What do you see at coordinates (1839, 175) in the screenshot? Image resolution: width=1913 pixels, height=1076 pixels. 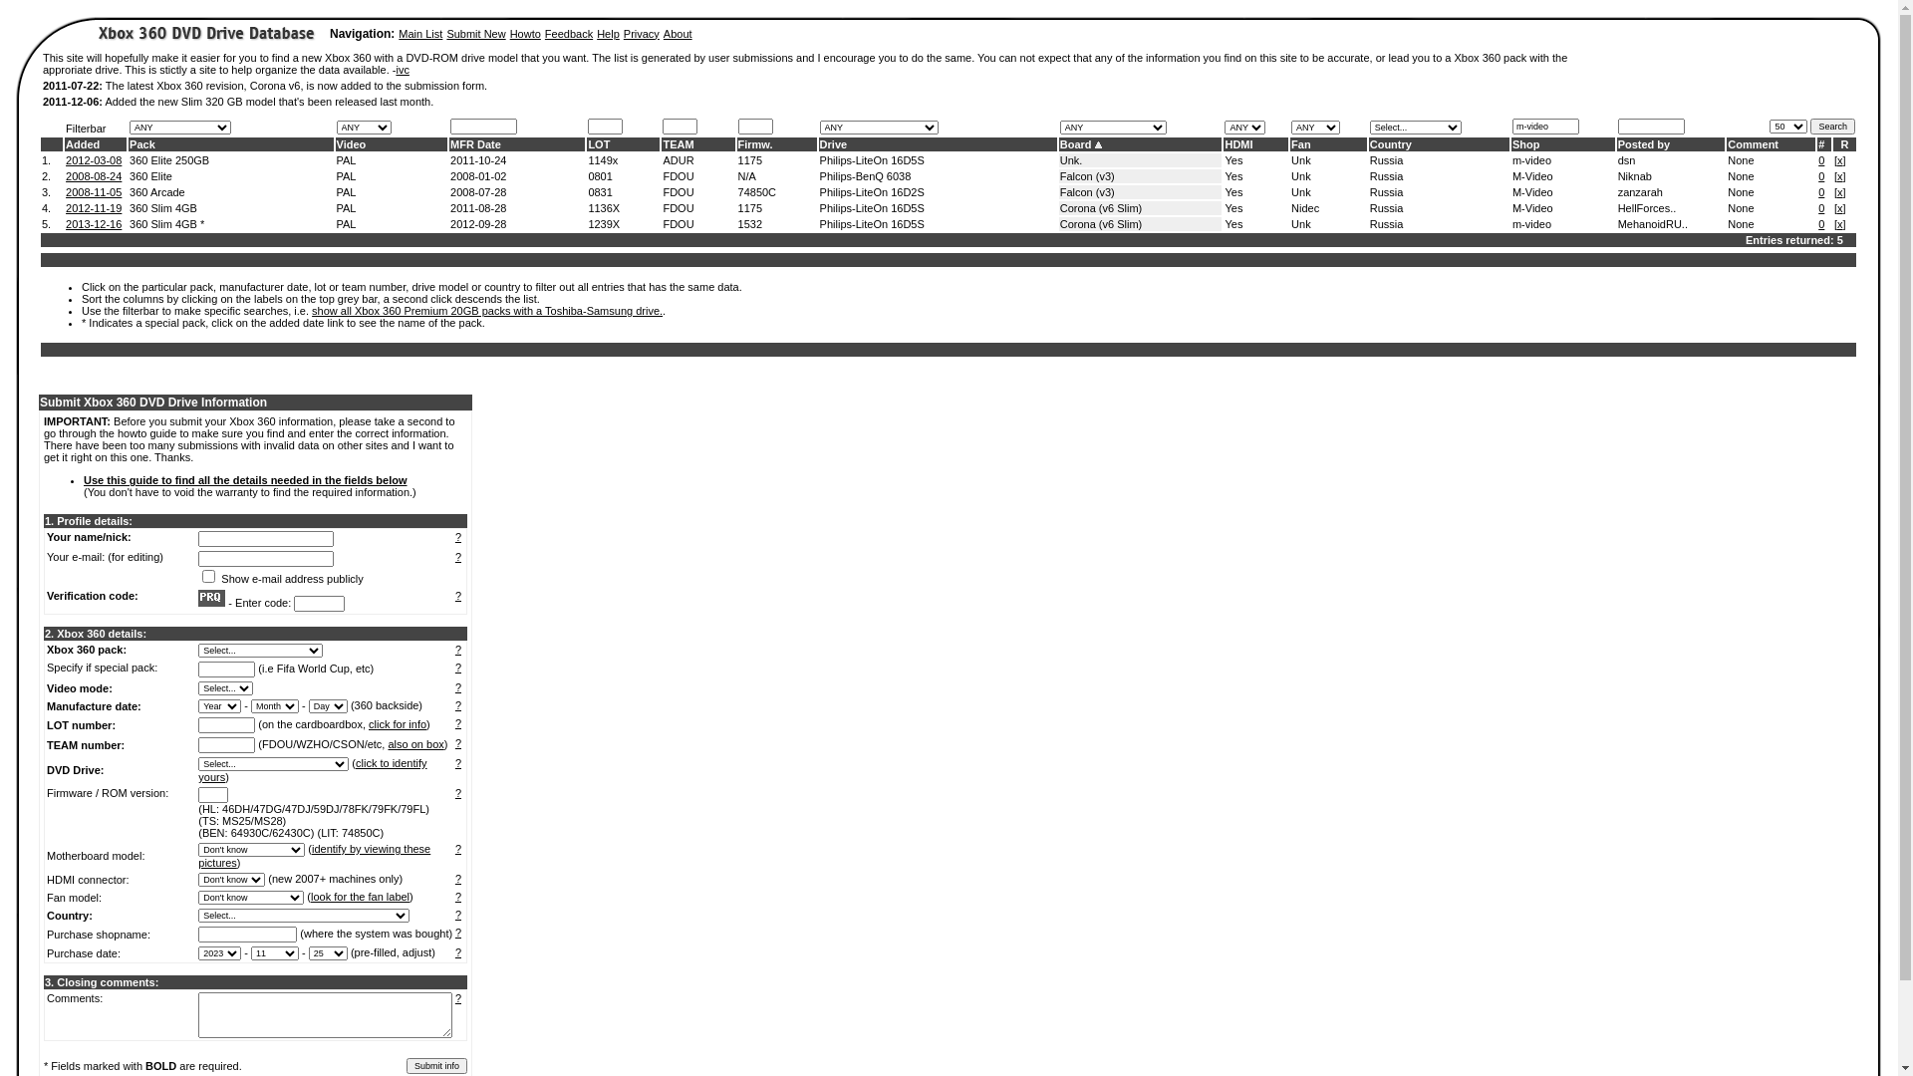 I see `'x'` at bounding box center [1839, 175].